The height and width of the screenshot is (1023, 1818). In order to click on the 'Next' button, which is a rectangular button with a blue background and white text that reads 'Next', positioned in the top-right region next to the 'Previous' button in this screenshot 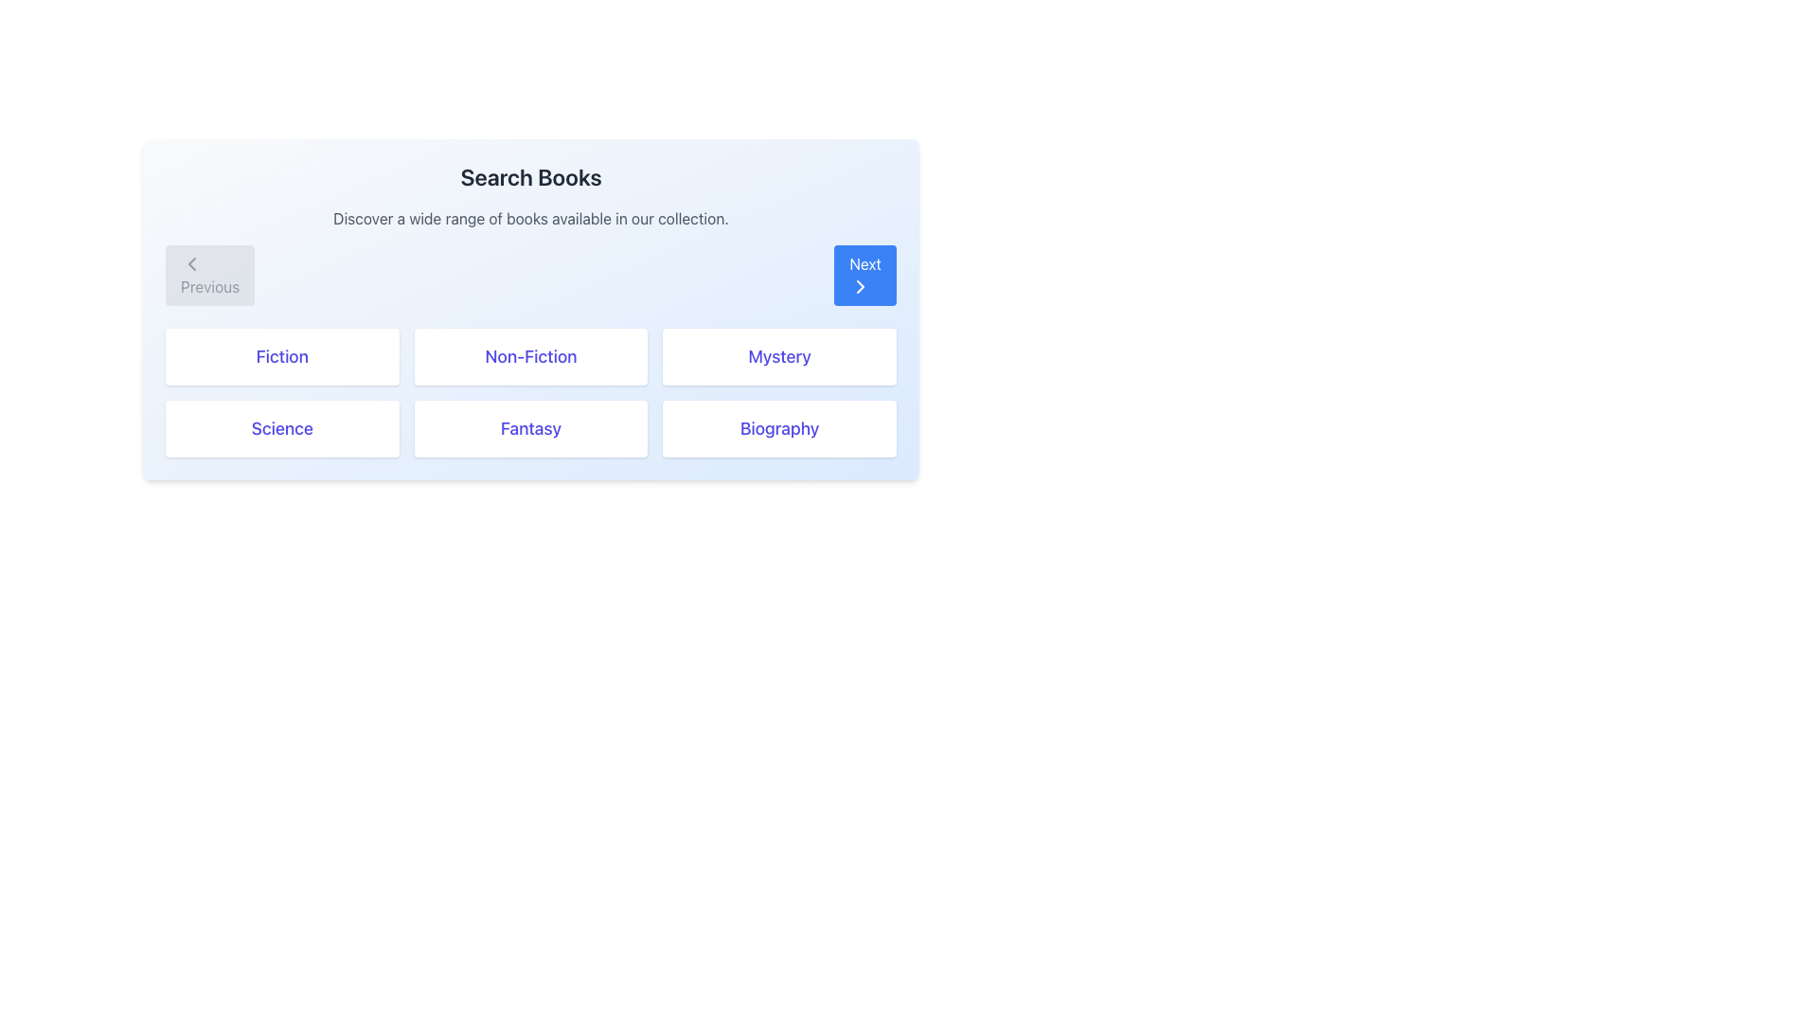, I will do `click(864, 275)`.